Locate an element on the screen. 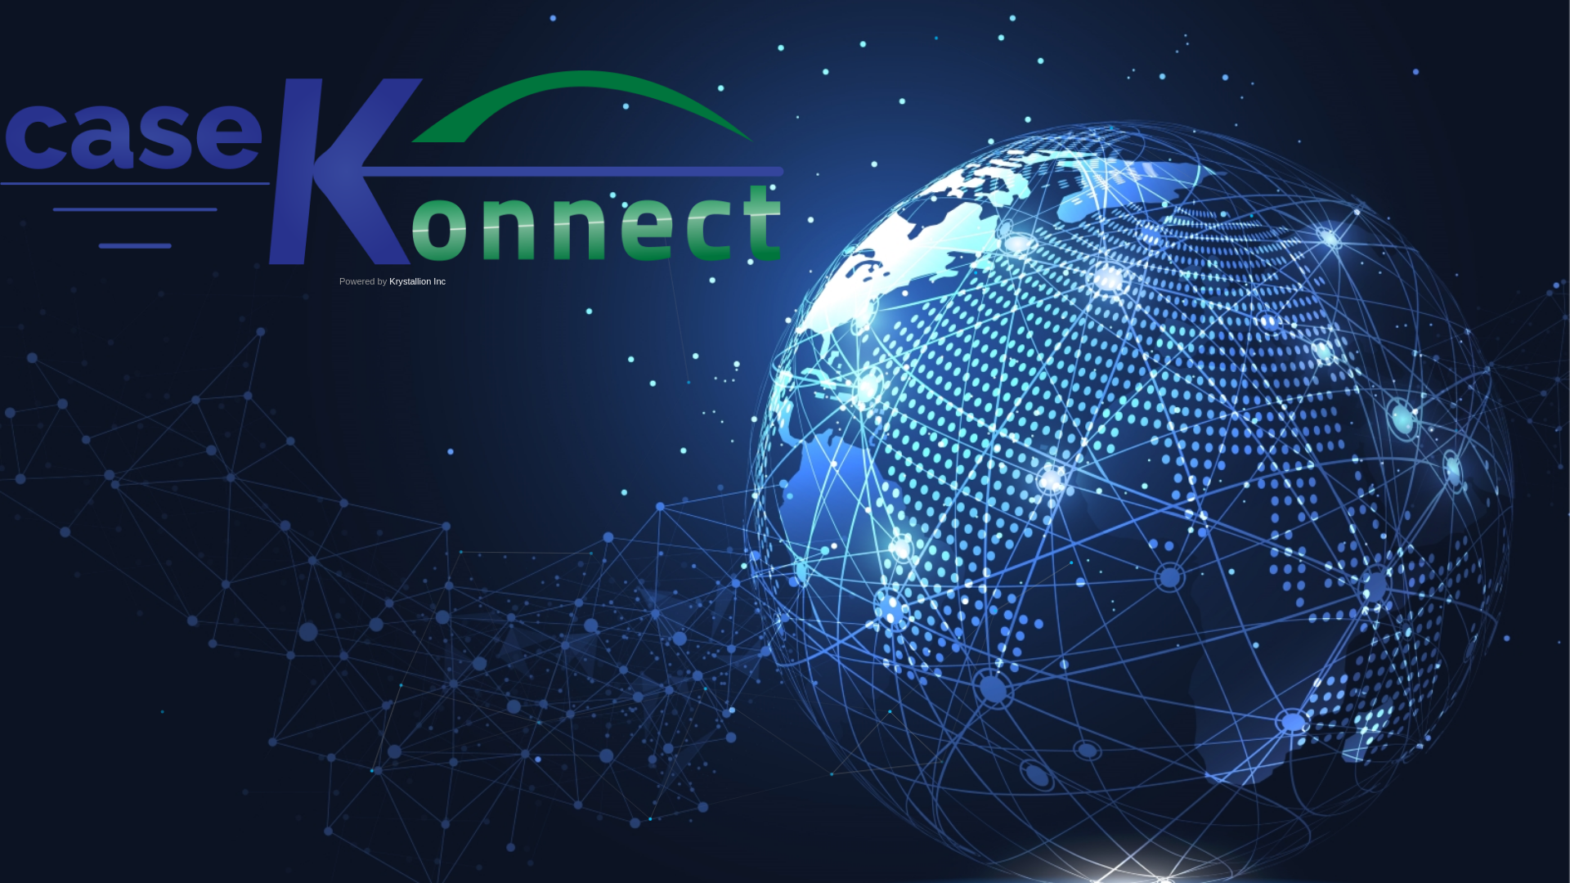 The image size is (1570, 883). 'caseKonnect' is located at coordinates (392, 168).